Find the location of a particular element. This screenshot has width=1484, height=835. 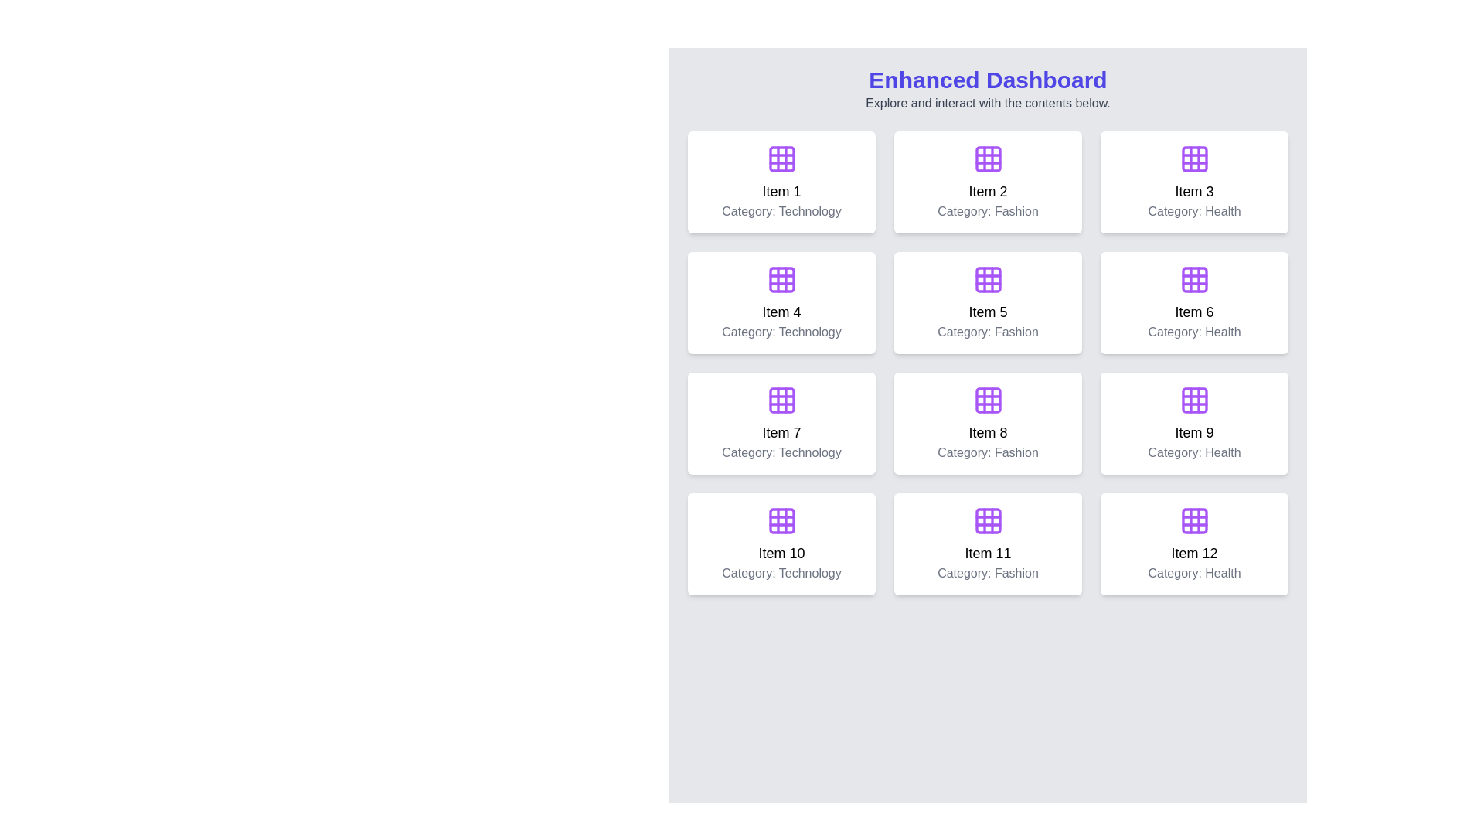

the static text displaying 'Explore and interact with the contents below.' located below the 'Enhanced Dashboard' heading is located at coordinates (987, 104).